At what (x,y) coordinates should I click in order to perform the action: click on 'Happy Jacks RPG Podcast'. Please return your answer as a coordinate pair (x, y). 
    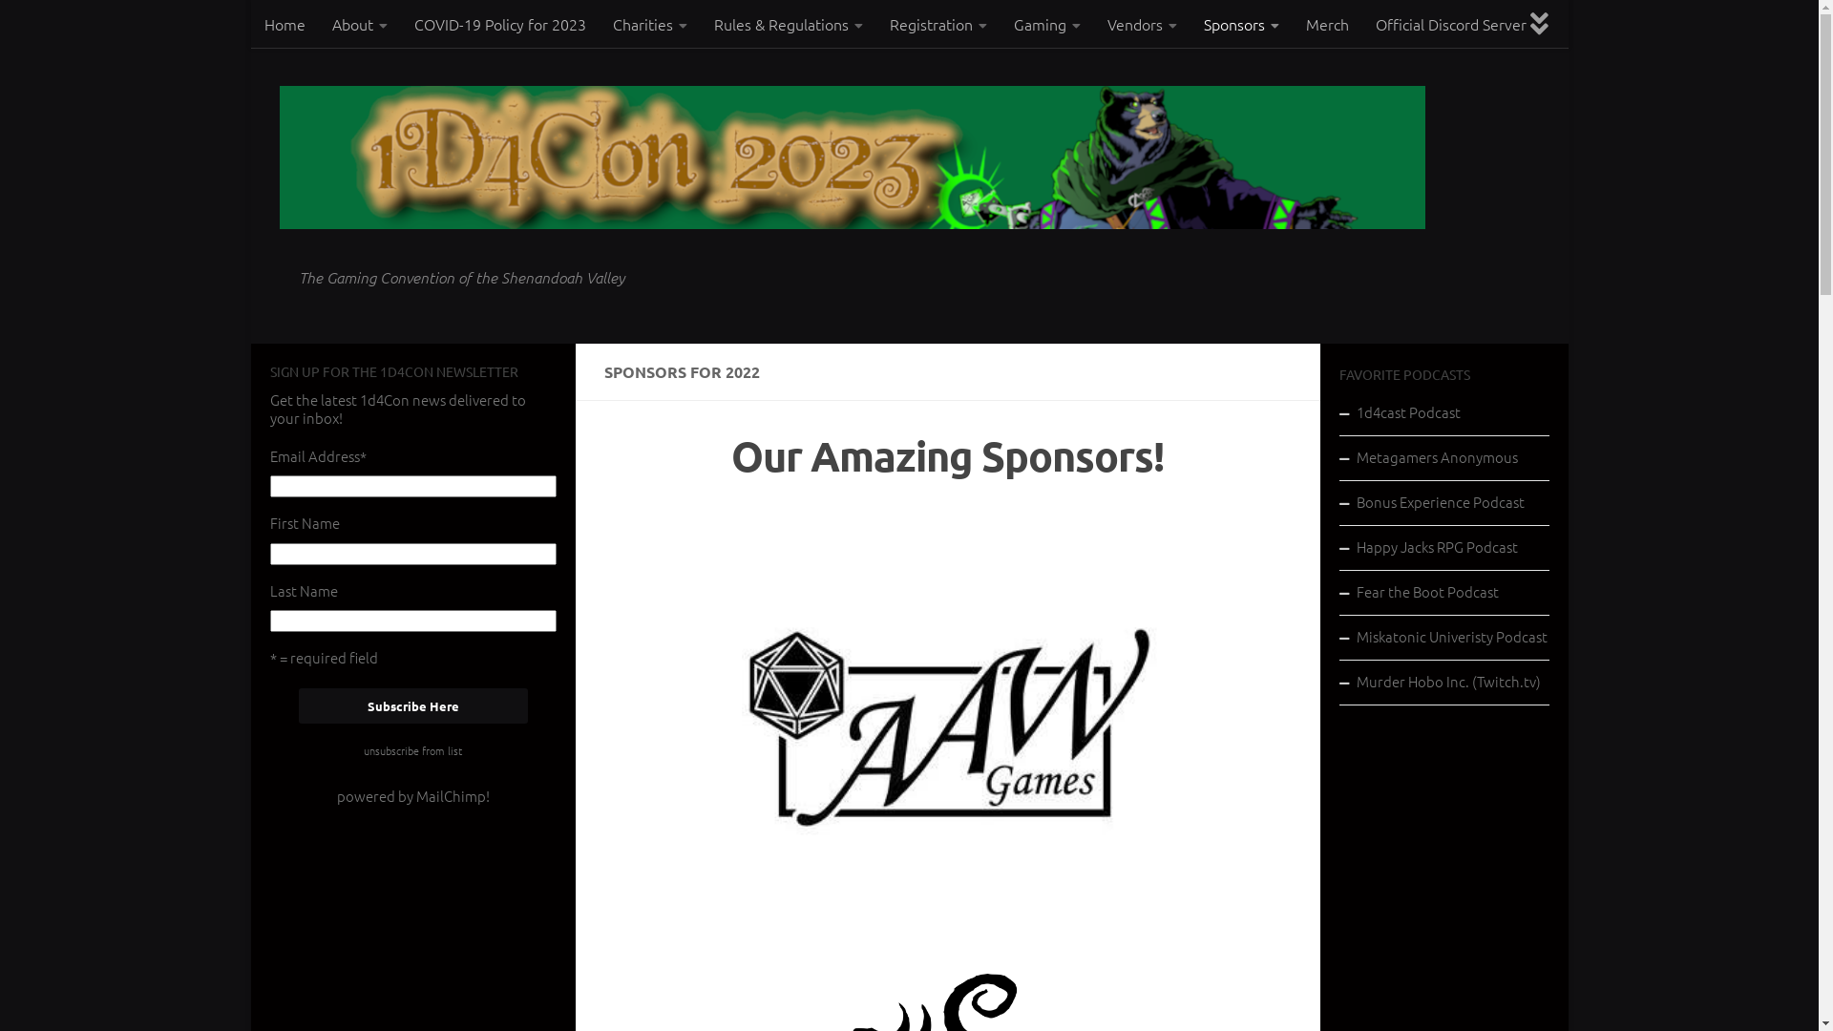
    Looking at the image, I should click on (1443, 548).